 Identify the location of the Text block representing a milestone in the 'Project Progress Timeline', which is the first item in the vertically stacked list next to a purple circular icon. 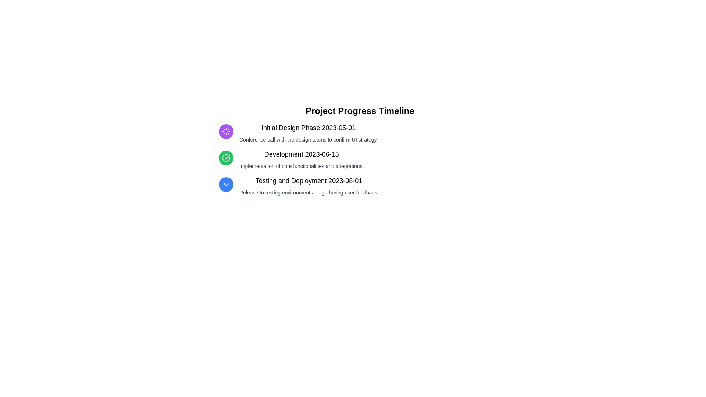
(309, 133).